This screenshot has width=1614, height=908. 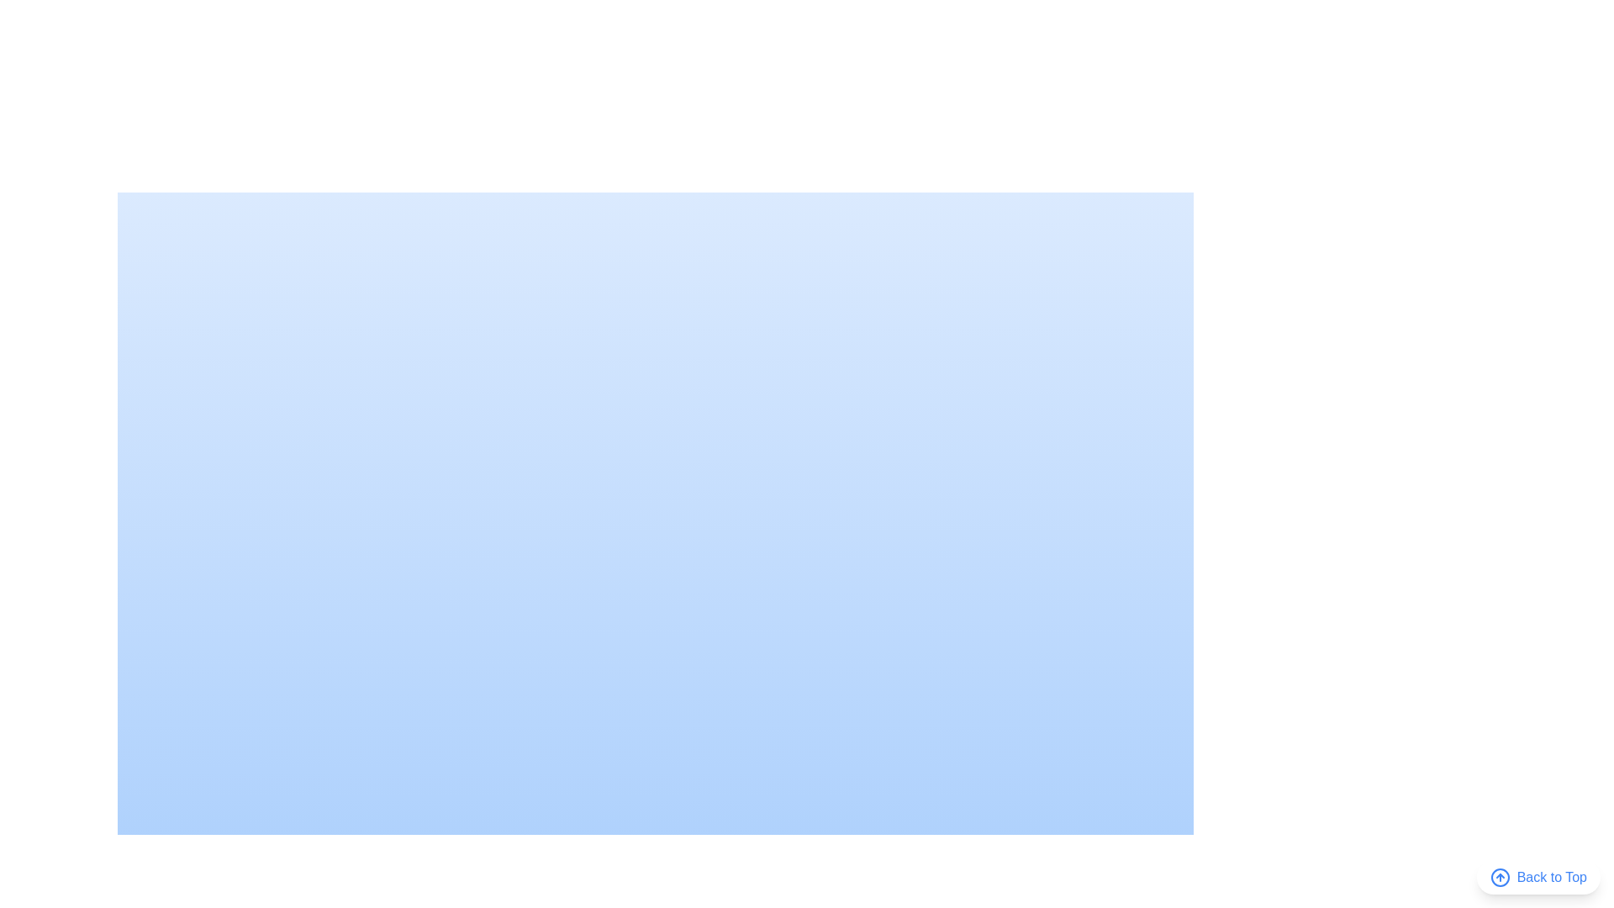 I want to click on the circular SVG shape, which is part of an arrow icon styled in blue, so click(x=1500, y=877).